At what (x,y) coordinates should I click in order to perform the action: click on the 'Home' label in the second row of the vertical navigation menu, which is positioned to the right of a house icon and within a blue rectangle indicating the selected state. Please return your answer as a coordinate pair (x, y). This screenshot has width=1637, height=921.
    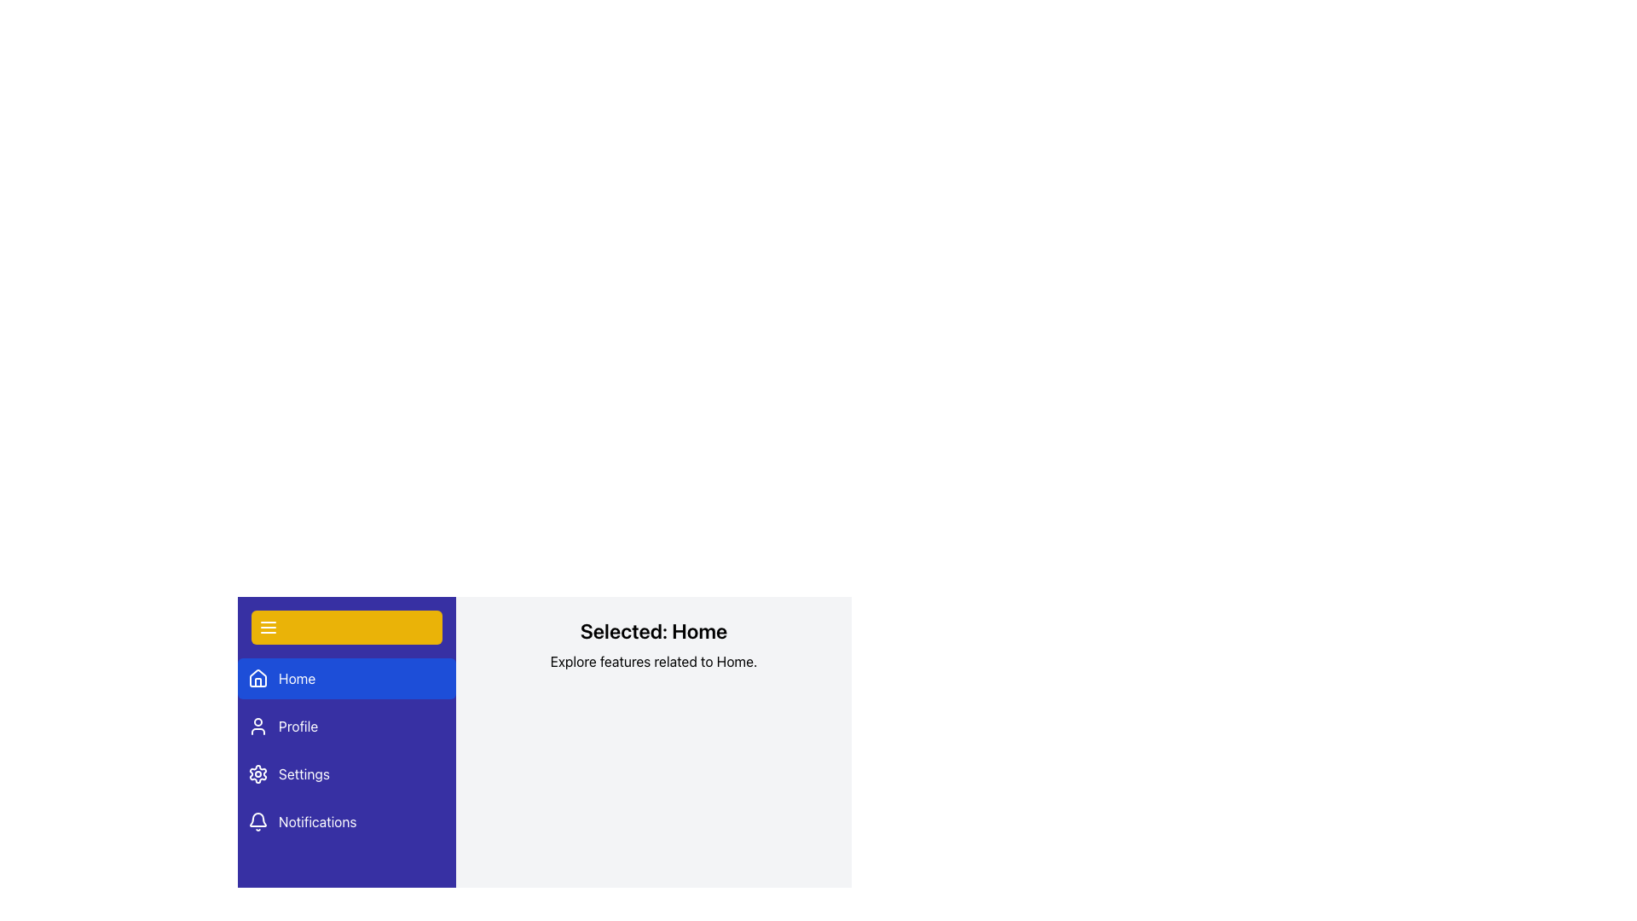
    Looking at the image, I should click on (297, 677).